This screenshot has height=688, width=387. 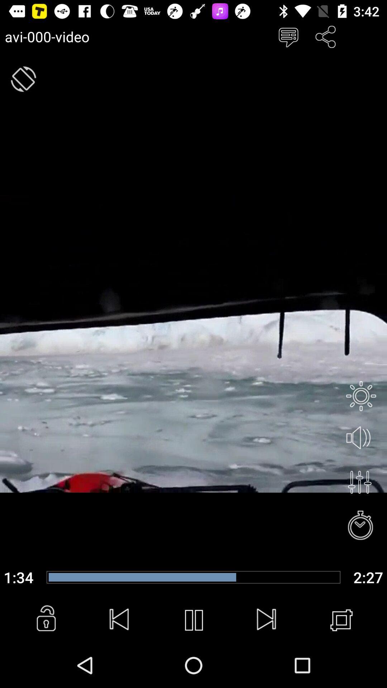 What do you see at coordinates (361, 438) in the screenshot?
I see `the volume icon` at bounding box center [361, 438].